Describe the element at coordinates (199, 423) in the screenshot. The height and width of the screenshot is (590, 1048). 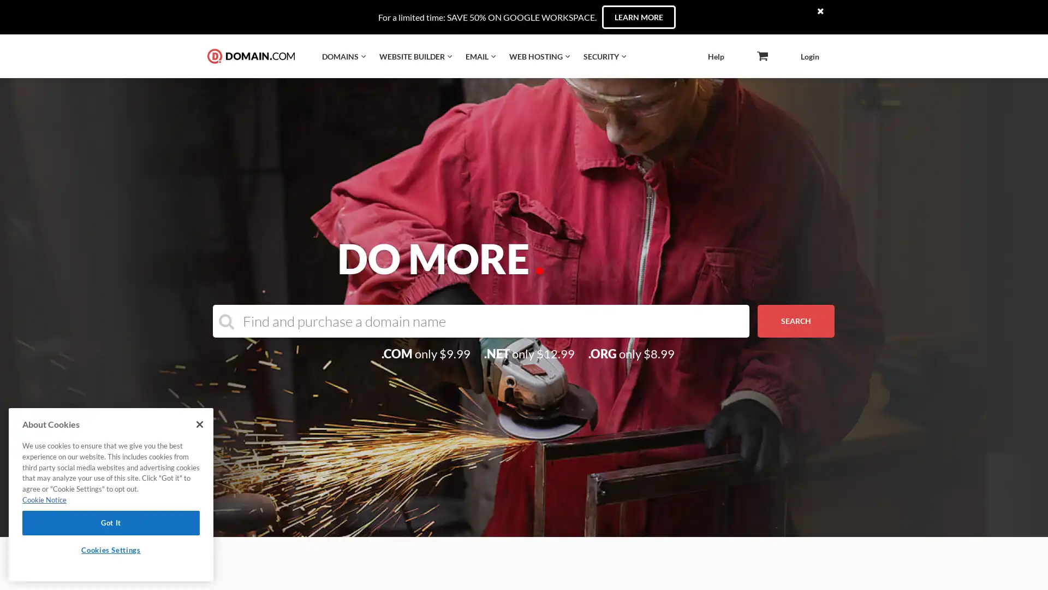
I see `Close` at that location.